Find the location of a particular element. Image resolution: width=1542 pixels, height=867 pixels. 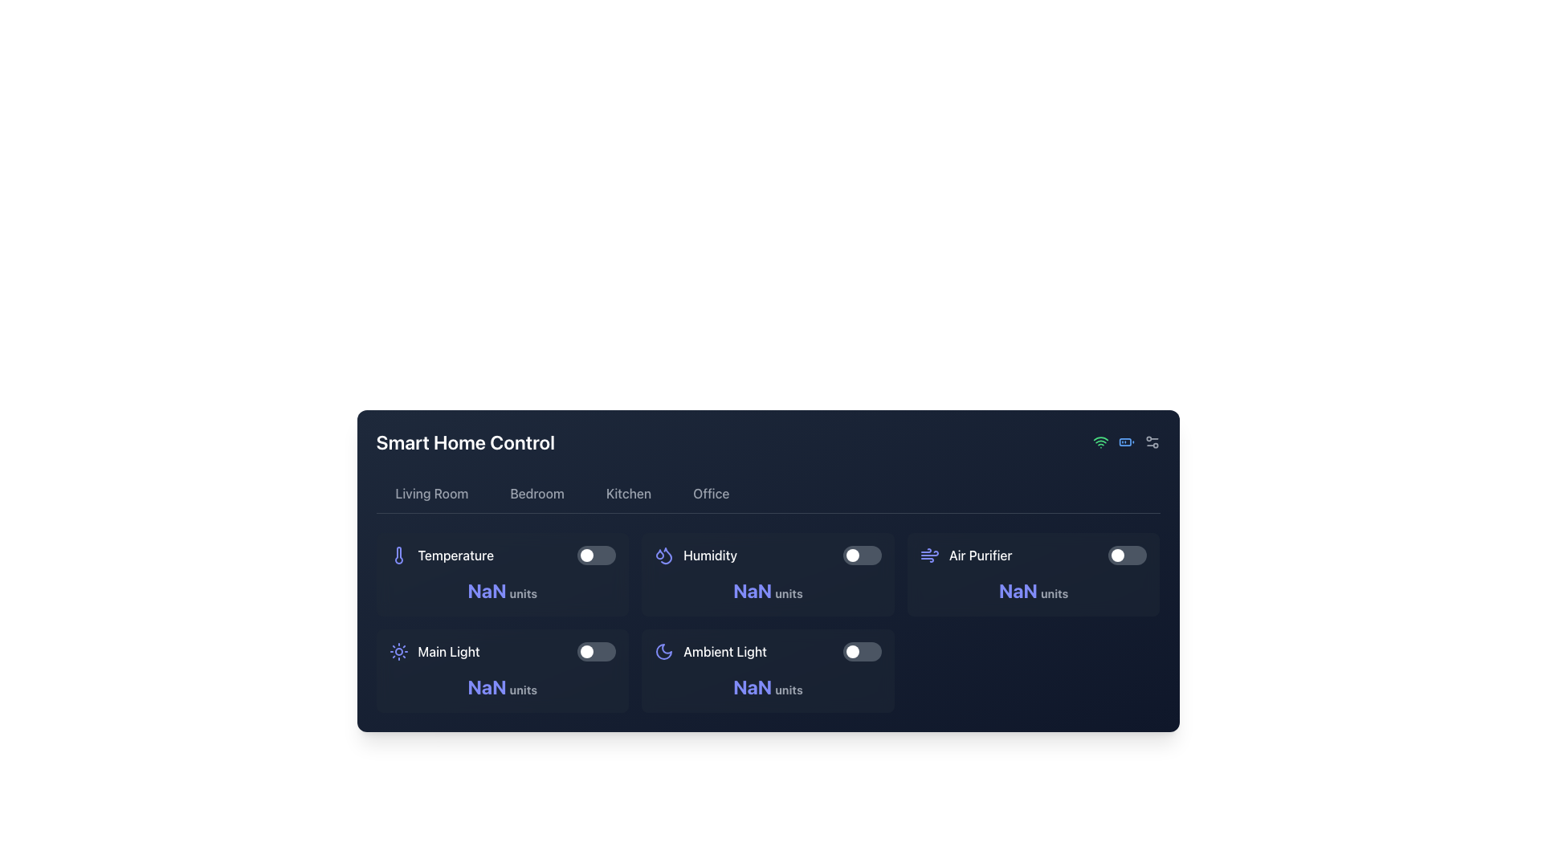

the Text Label that serves as a unit descriptor for the numerical value displayed next to it, located in the 'Air Purifier' card on the Smart Home Control panel is located at coordinates (1055, 593).